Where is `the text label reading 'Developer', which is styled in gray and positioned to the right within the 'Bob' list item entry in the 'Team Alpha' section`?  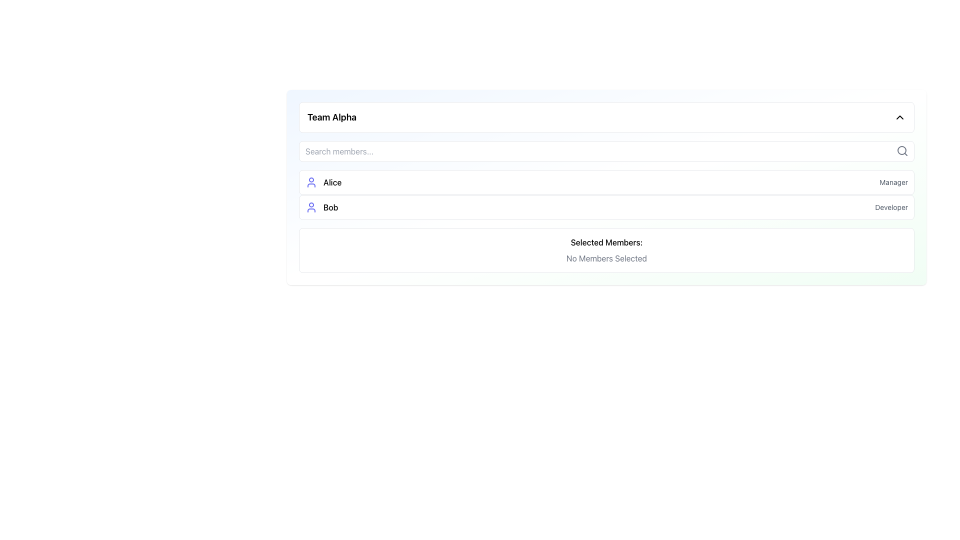 the text label reading 'Developer', which is styled in gray and positioned to the right within the 'Bob' list item entry in the 'Team Alpha' section is located at coordinates (891, 207).